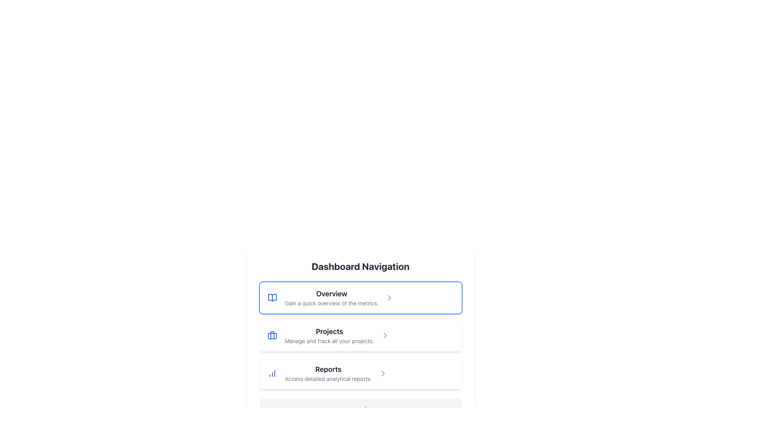 This screenshot has width=757, height=425. Describe the element at coordinates (383, 373) in the screenshot. I see `the chevron arrow icon pointing to the right, located at the far right of the 'Reports' menu item in the vertical navigation menu` at that location.